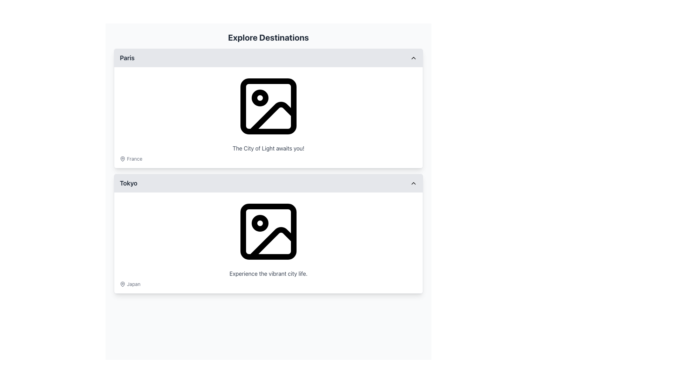 Image resolution: width=673 pixels, height=378 pixels. What do you see at coordinates (268, 243) in the screenshot?
I see `the Image and Text Combination element that provides a visual and textual summary of Tokyo, located centrally within the card below the title 'Tokyo'` at bounding box center [268, 243].